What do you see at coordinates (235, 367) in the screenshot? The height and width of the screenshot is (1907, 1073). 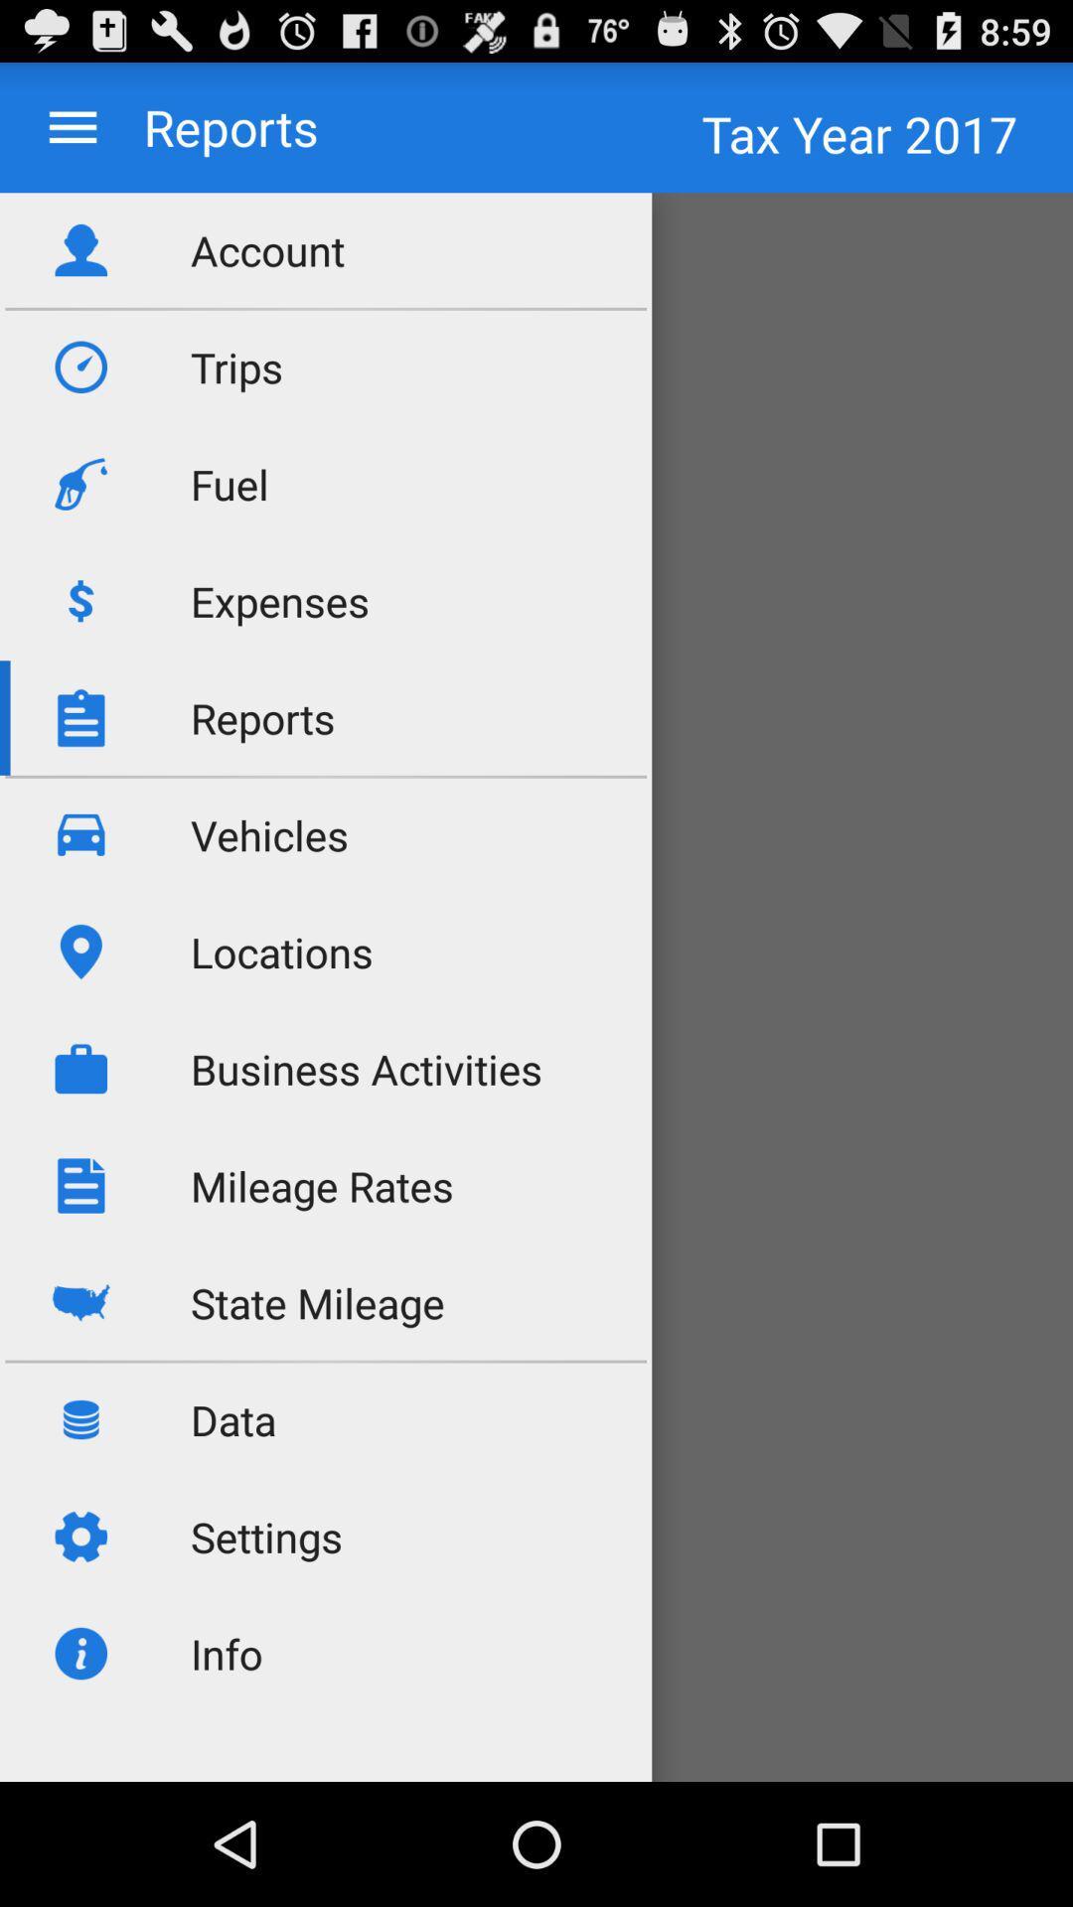 I see `the trips icon` at bounding box center [235, 367].